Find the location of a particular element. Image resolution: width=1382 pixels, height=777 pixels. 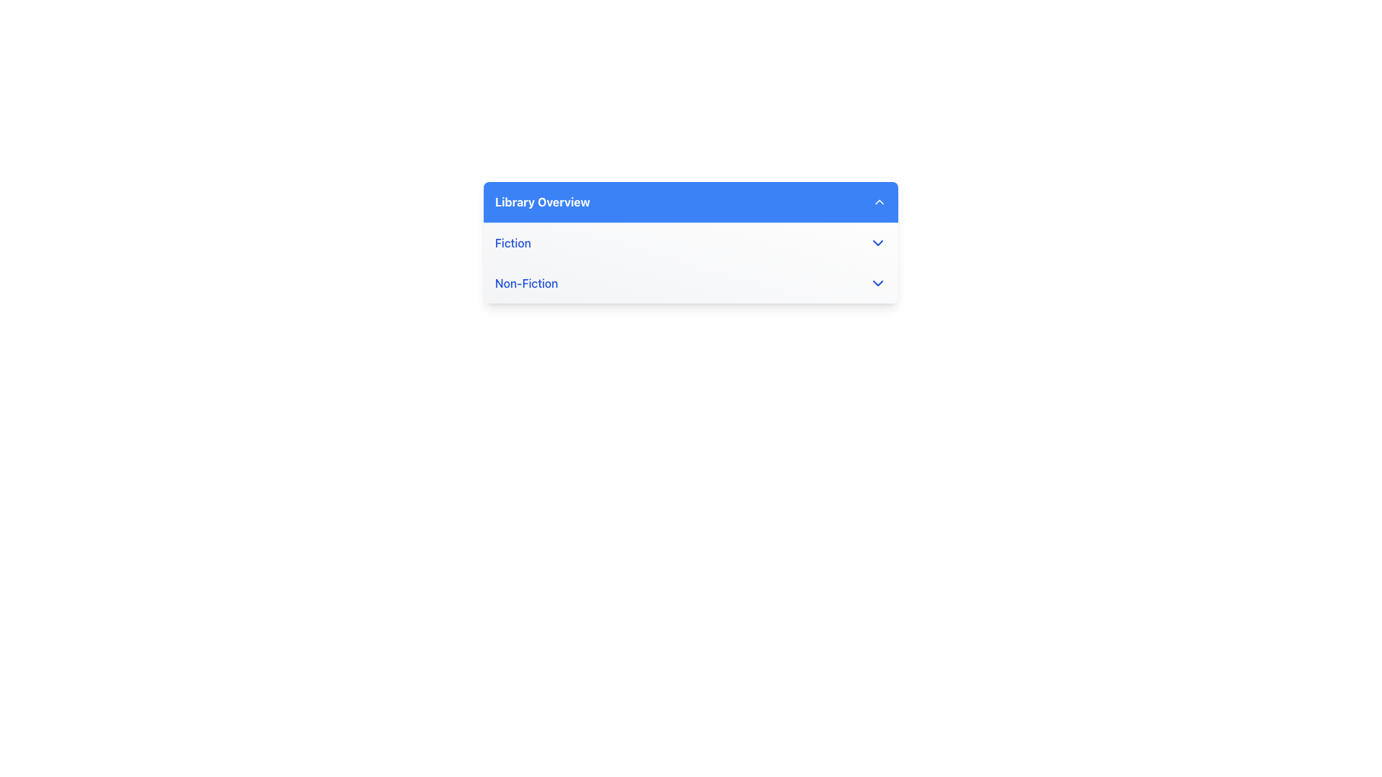

the collapsible dropdown menu icon located to the right of the 'Fiction' text is located at coordinates (877, 242).